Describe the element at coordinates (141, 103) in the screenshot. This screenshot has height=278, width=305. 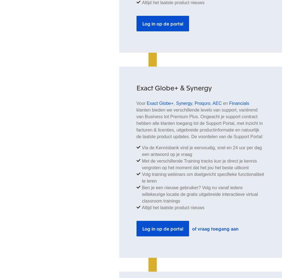
I see `'Voor'` at that location.